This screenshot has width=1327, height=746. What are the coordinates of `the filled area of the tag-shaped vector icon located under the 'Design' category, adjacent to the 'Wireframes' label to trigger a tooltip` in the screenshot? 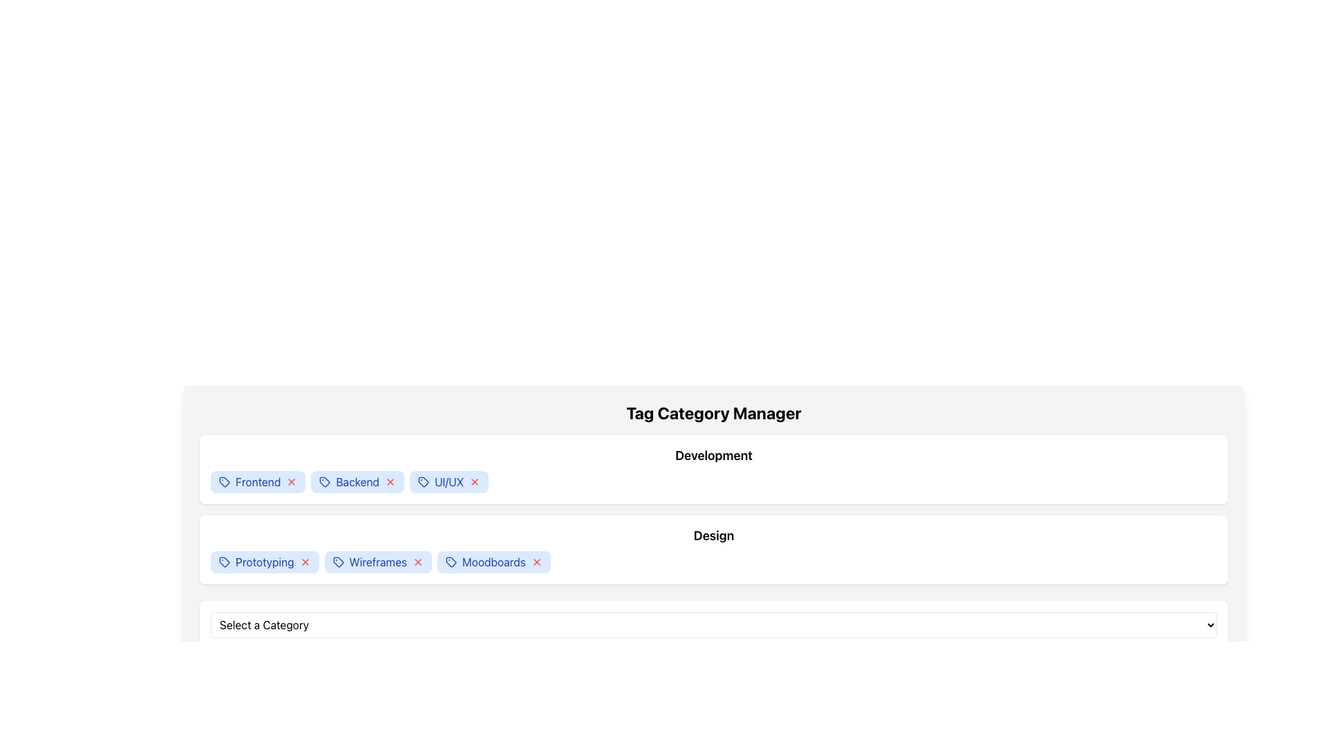 It's located at (338, 562).